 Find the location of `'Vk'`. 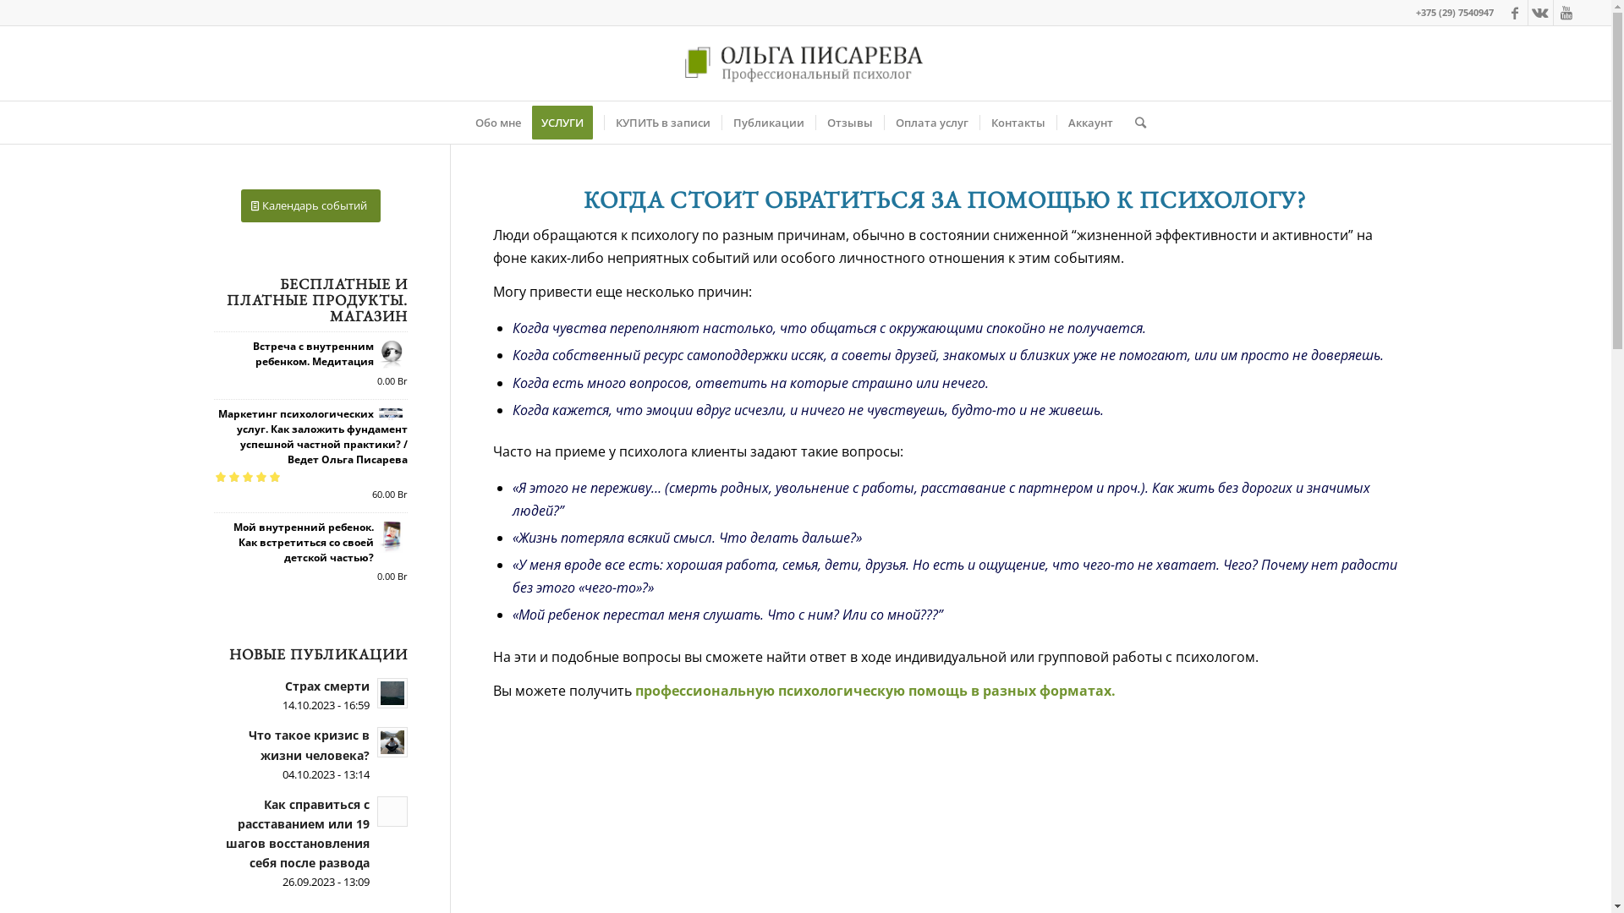

'Vk' is located at coordinates (1540, 13).